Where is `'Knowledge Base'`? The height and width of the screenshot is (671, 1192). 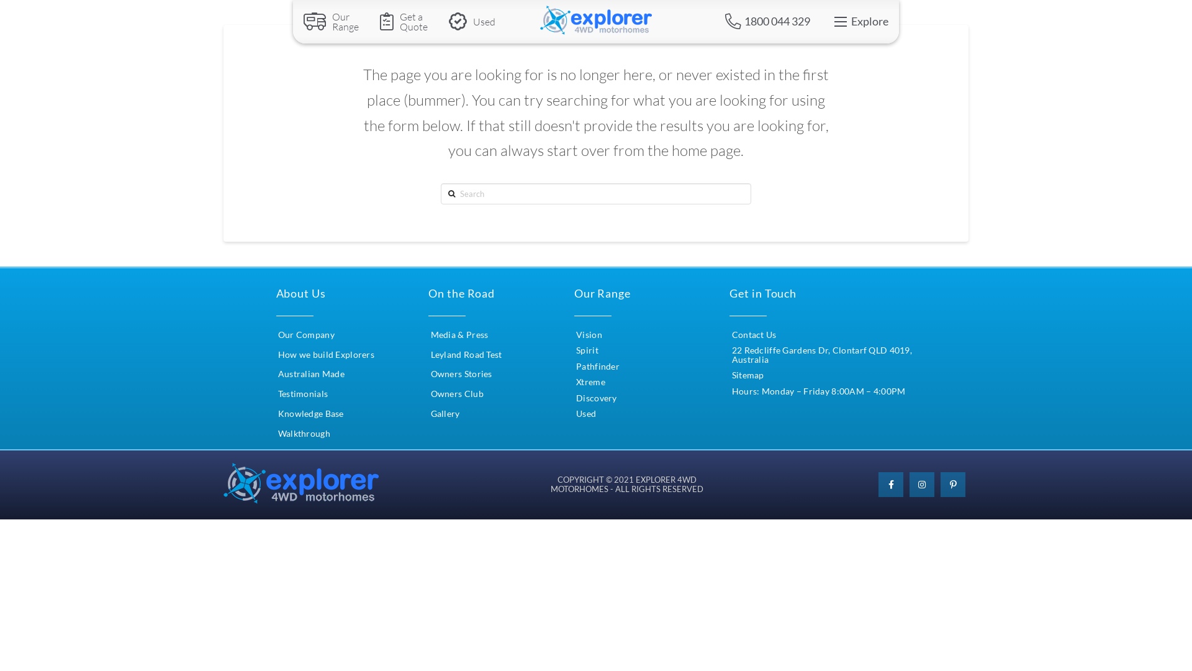
'Knowledge Base' is located at coordinates (310, 414).